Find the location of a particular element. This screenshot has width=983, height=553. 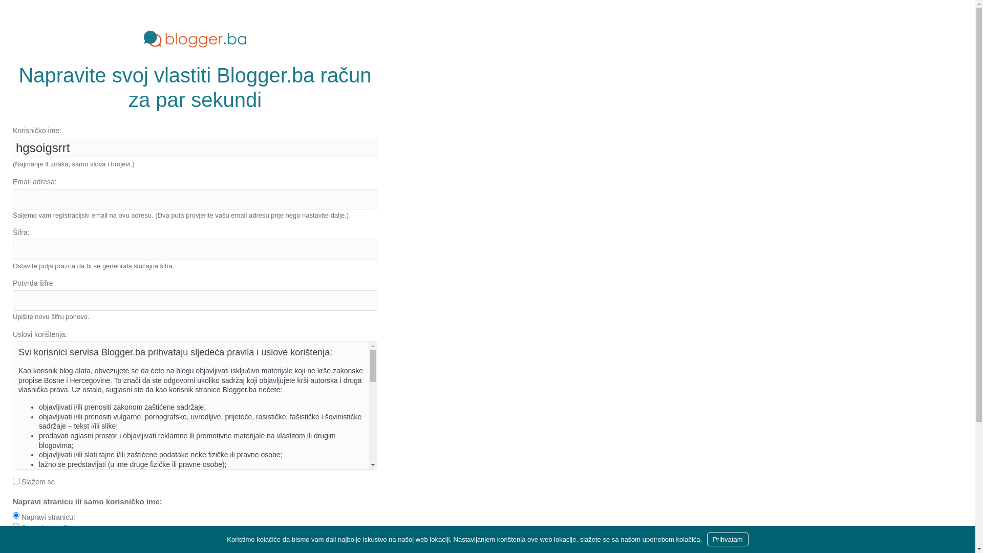

'Prihvatam' is located at coordinates (727, 539).